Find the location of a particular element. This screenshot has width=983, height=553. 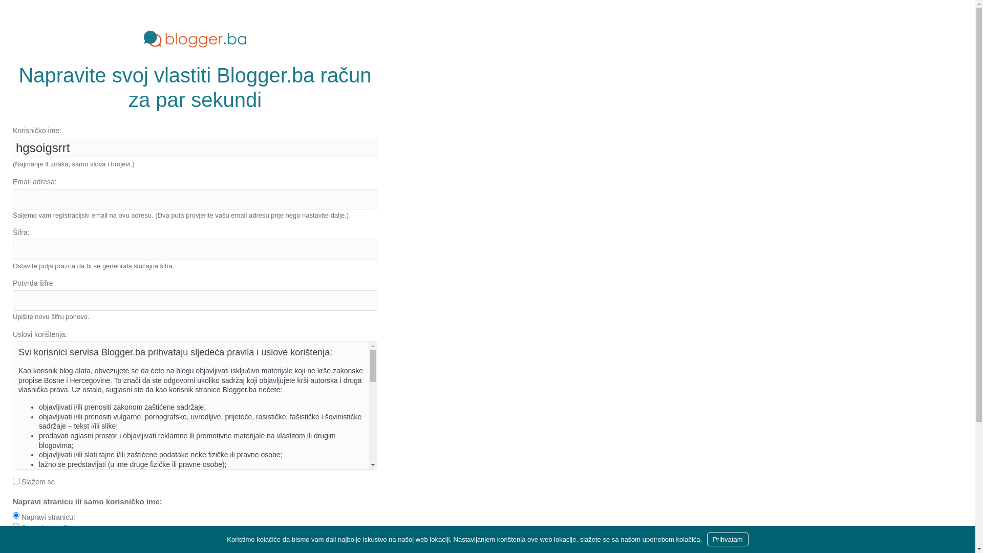

'Prihvatam' is located at coordinates (727, 539).